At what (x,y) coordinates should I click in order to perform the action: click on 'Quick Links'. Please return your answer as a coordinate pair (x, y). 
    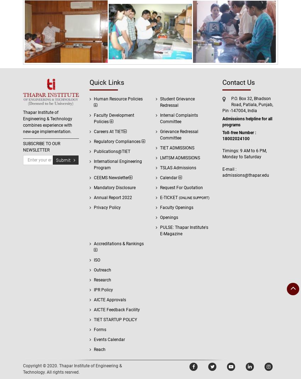
    Looking at the image, I should click on (106, 82).